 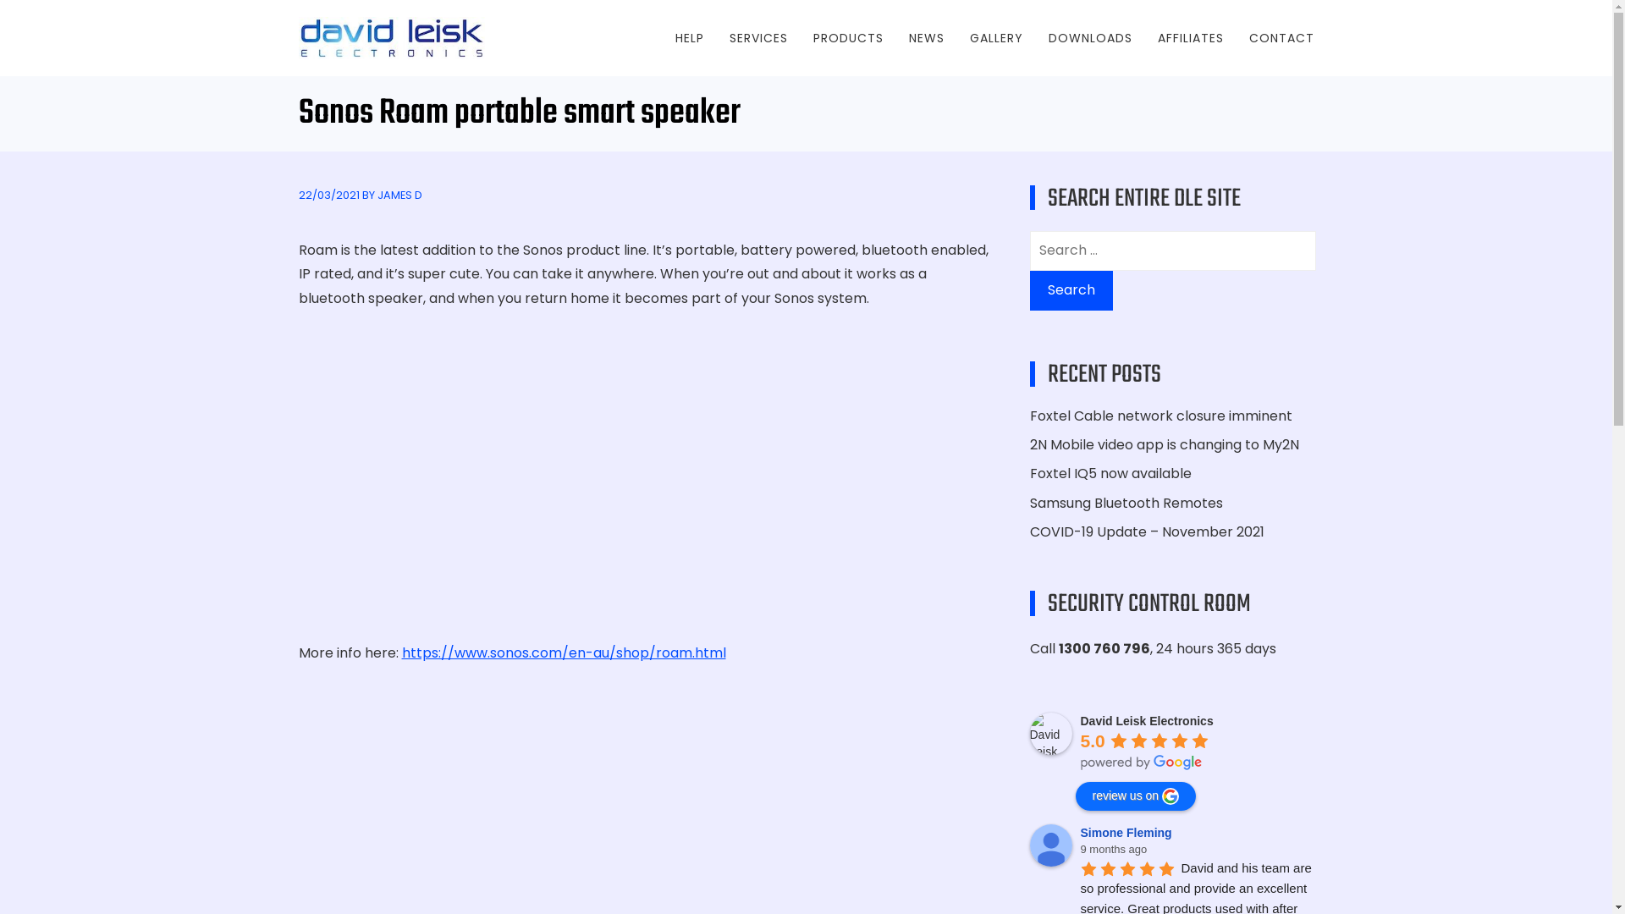 I want to click on 'HELP', so click(x=690, y=38).